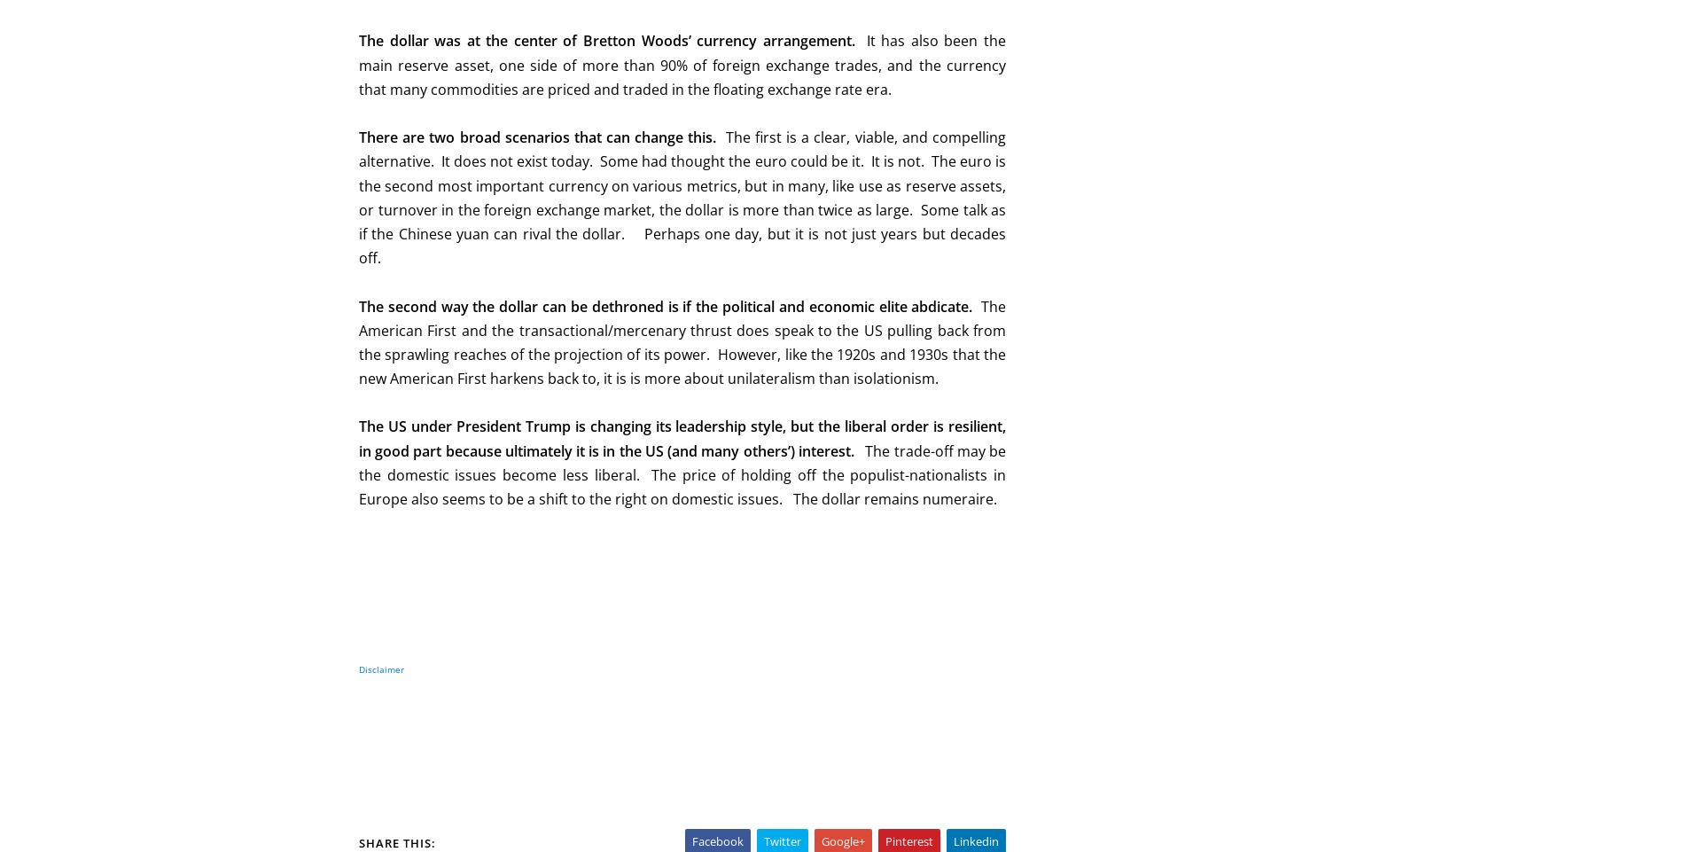 The height and width of the screenshot is (852, 1684). What do you see at coordinates (1115, 558) in the screenshot?
I see `'December 2020'` at bounding box center [1115, 558].